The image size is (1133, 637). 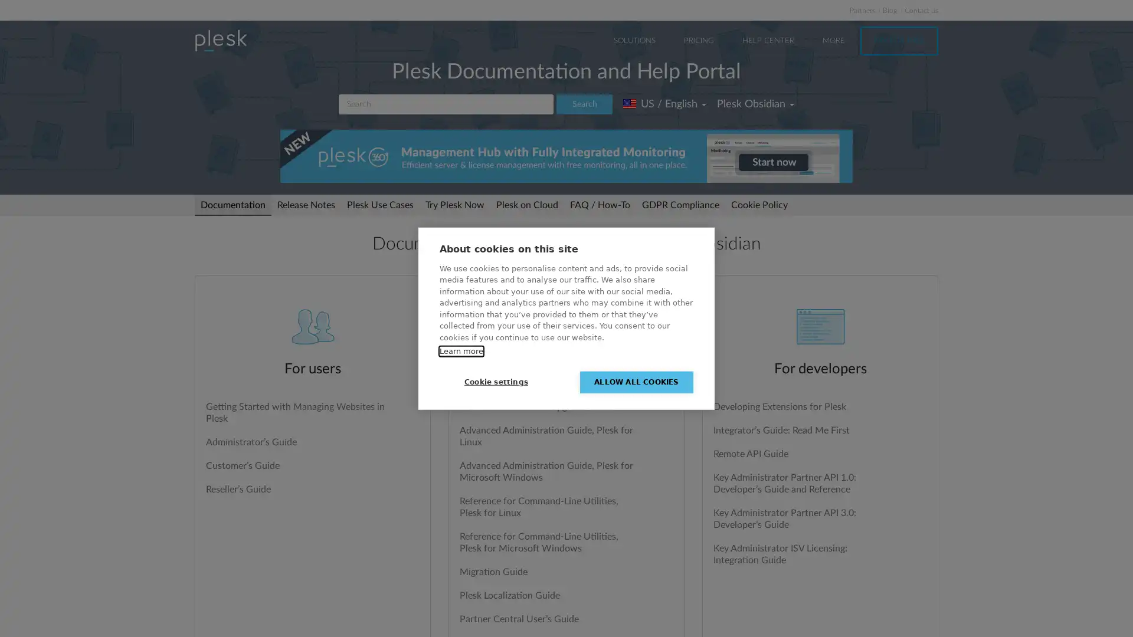 What do you see at coordinates (755, 104) in the screenshot?
I see `Plesk Obsidian` at bounding box center [755, 104].